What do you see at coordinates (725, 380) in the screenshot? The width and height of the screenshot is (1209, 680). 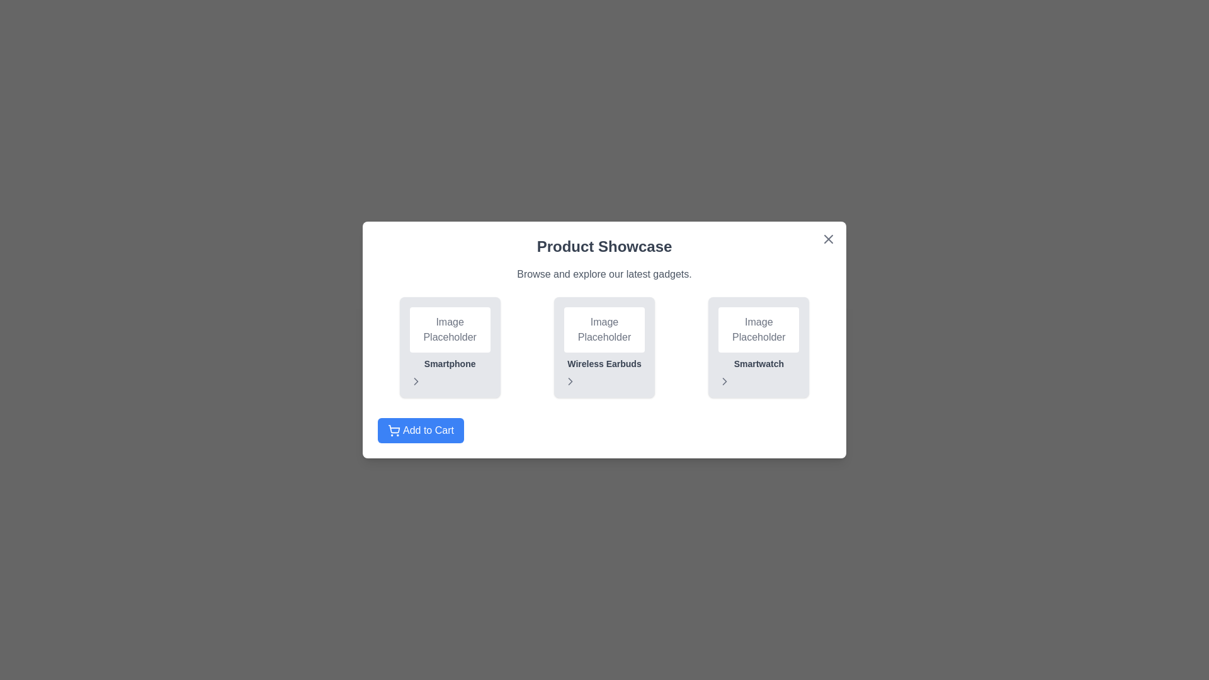 I see `the right-chevron icon located below the 'Smartwatch' text` at bounding box center [725, 380].